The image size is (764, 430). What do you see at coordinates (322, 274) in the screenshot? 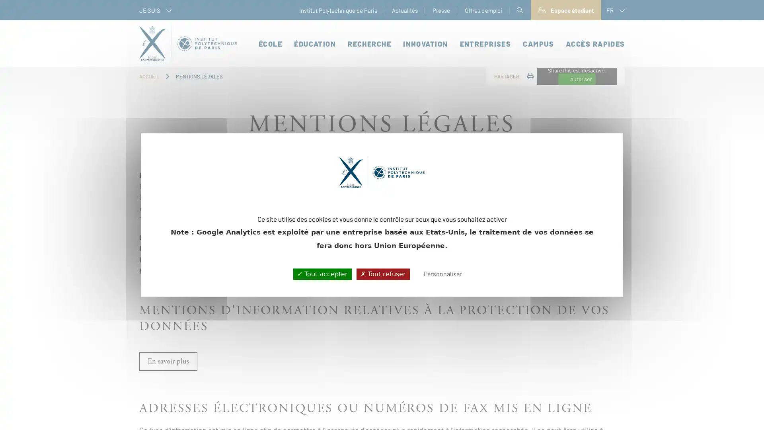
I see `Tout accepter` at bounding box center [322, 274].